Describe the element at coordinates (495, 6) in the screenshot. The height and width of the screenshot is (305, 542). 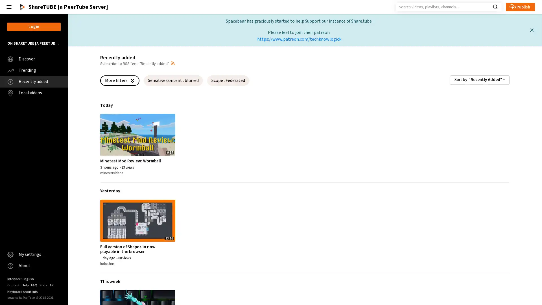
I see `Search` at that location.